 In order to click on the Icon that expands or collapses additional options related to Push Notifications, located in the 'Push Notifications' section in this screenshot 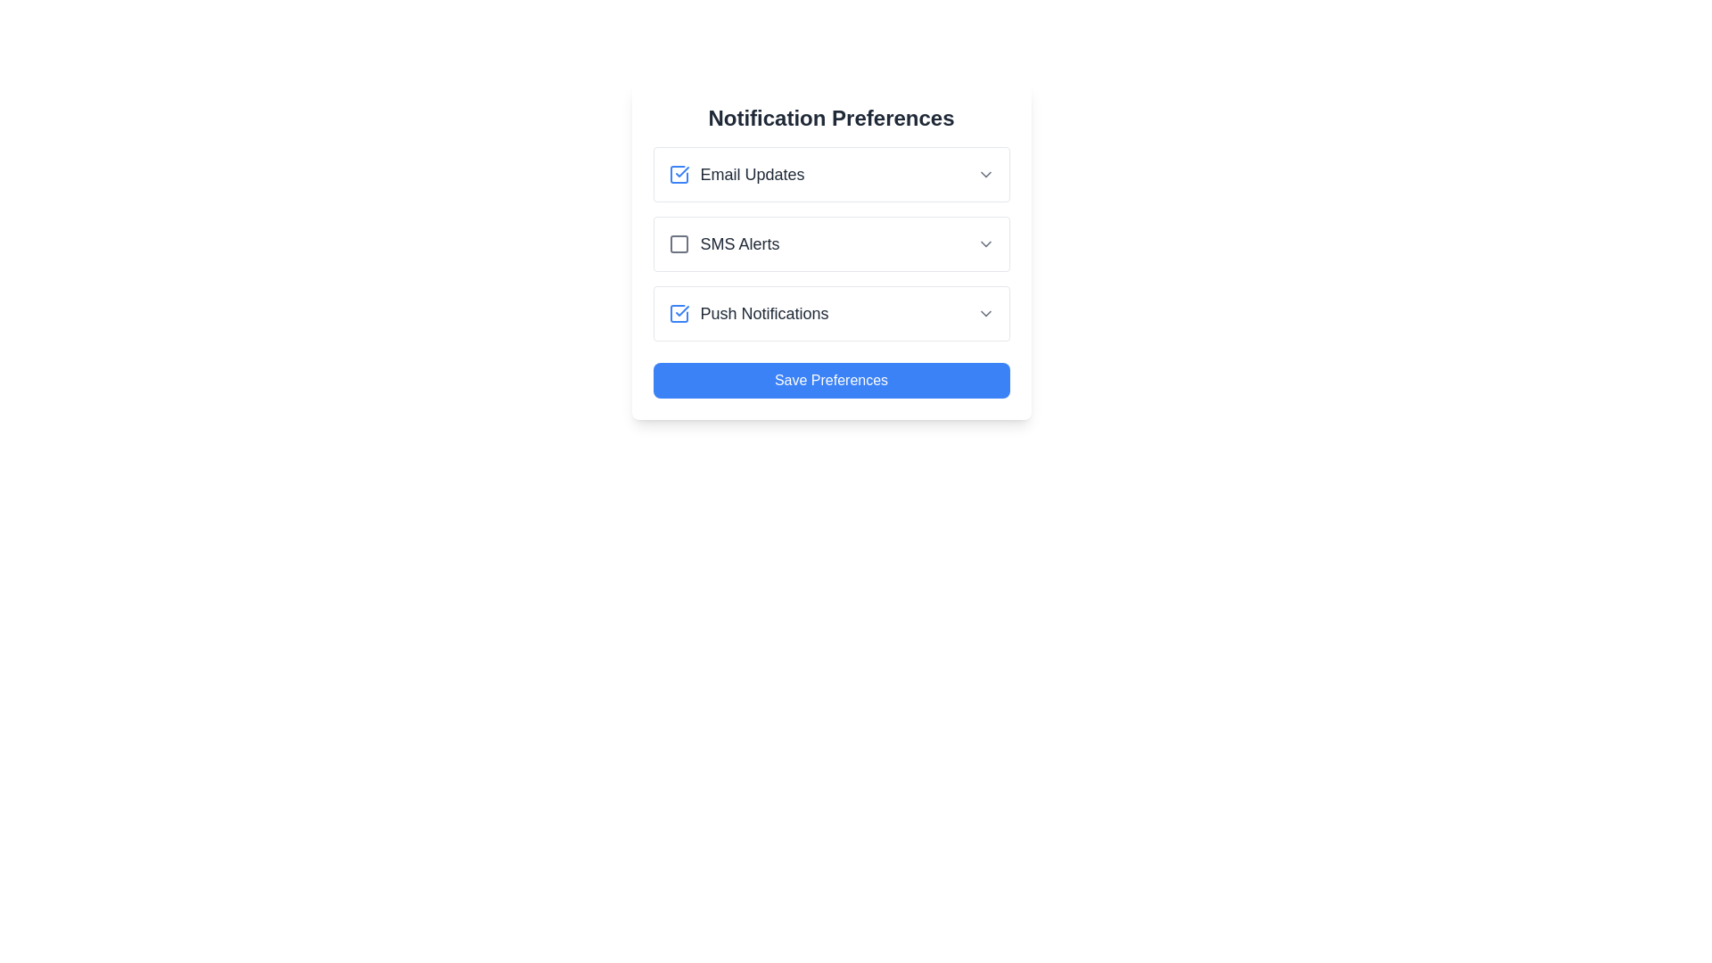, I will do `click(984, 312)`.